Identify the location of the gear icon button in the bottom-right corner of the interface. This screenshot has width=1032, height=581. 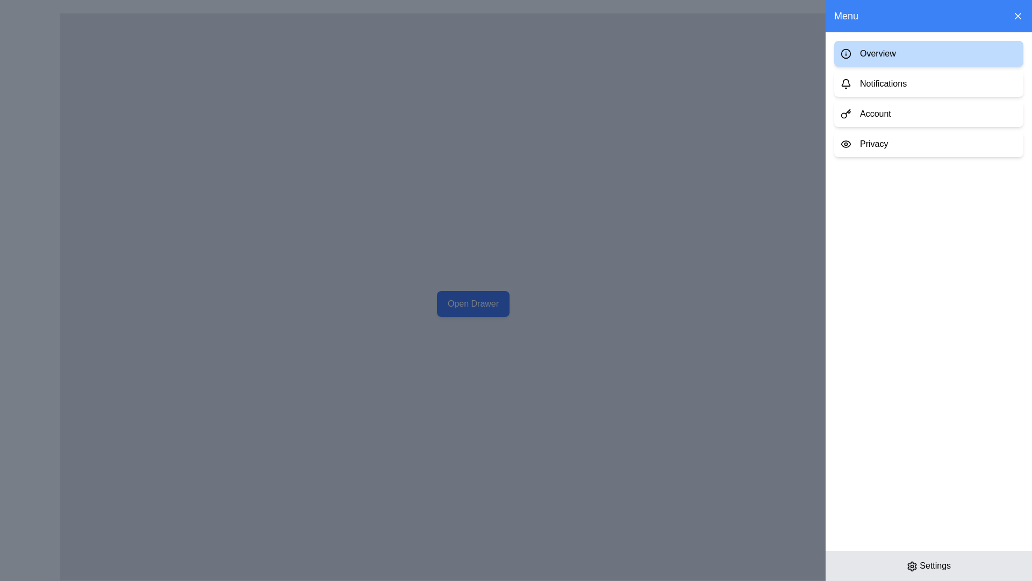
(911, 565).